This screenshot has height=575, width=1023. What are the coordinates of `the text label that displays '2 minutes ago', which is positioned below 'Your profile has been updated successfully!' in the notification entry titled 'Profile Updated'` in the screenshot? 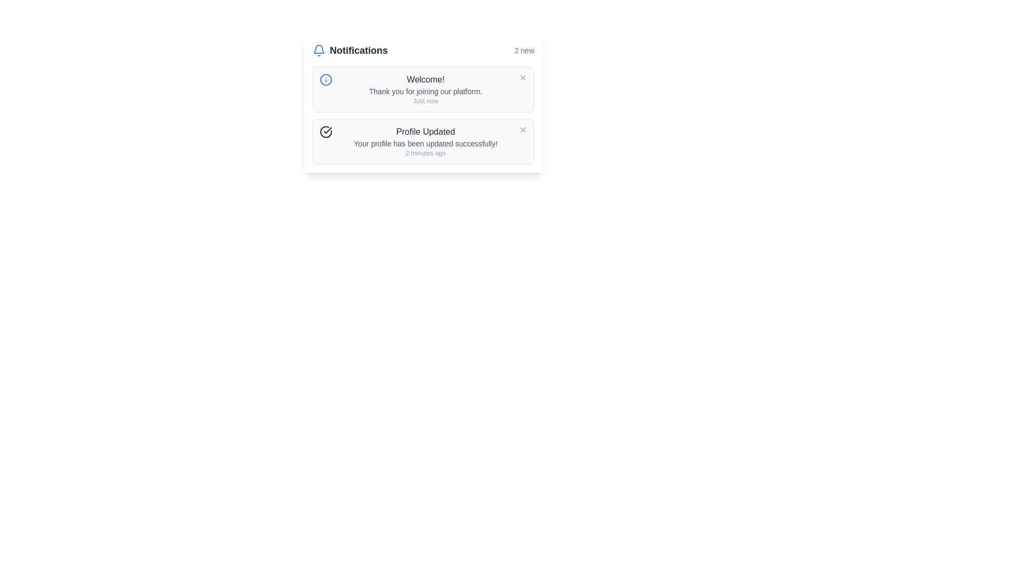 It's located at (425, 153).